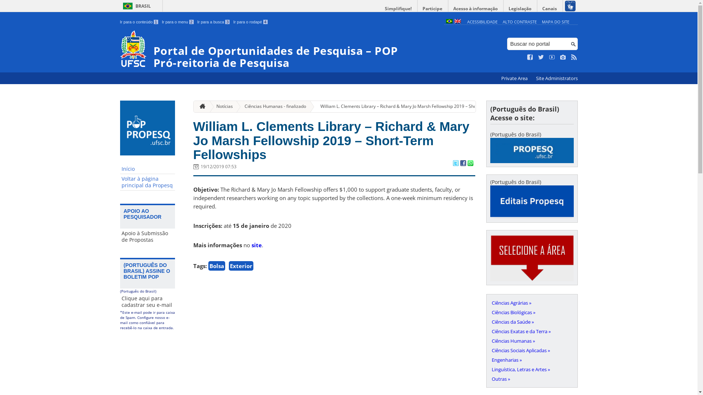 This screenshot has width=703, height=395. What do you see at coordinates (562, 57) in the screenshot?
I see `'Veja no Instagram'` at bounding box center [562, 57].